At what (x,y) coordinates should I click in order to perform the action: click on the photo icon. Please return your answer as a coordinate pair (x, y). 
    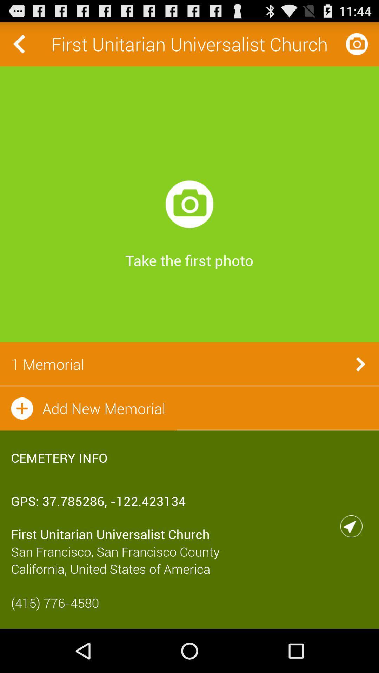
    Looking at the image, I should click on (189, 218).